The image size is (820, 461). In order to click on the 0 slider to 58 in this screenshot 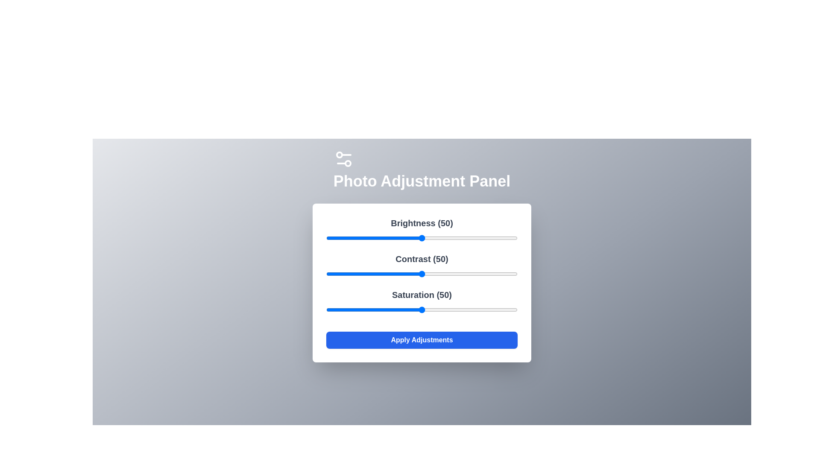, I will do `click(437, 238)`.